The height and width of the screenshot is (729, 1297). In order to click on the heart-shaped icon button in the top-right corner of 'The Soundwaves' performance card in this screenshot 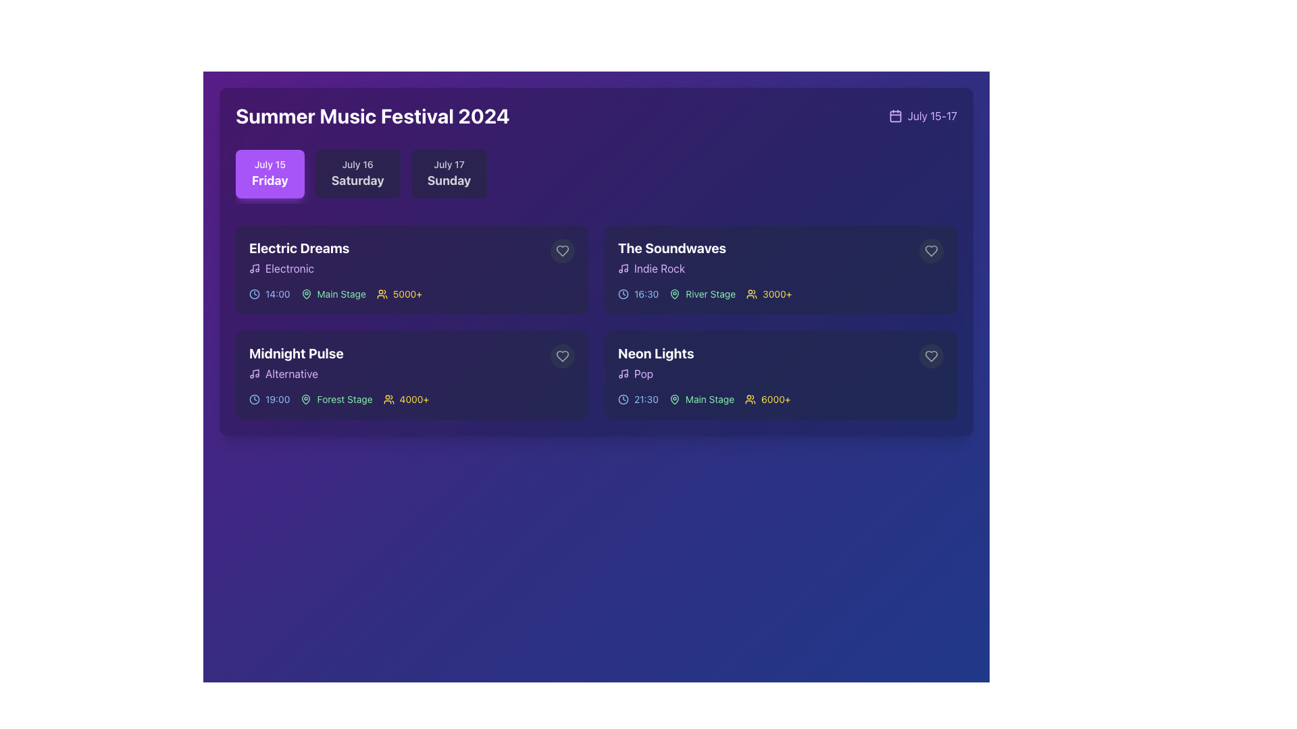, I will do `click(930, 250)`.